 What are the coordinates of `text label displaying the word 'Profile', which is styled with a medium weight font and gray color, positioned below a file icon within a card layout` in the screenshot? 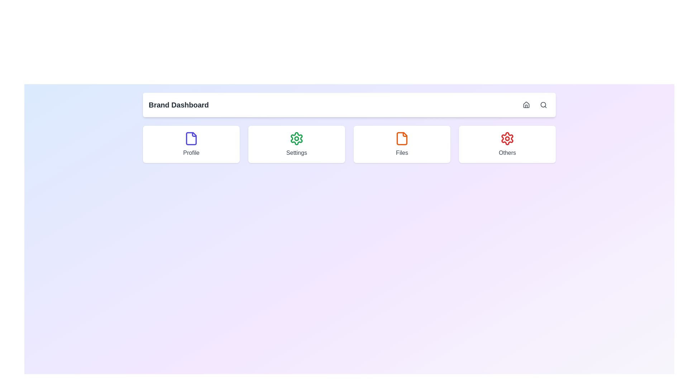 It's located at (191, 153).